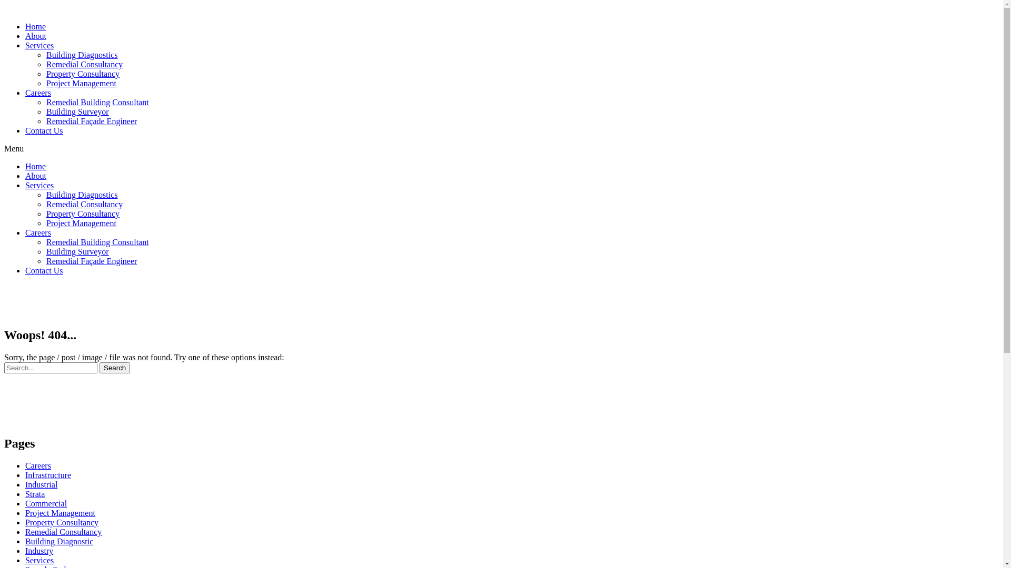 The width and height of the screenshot is (1011, 568). What do you see at coordinates (77, 251) in the screenshot?
I see `'Building Surveyor'` at bounding box center [77, 251].